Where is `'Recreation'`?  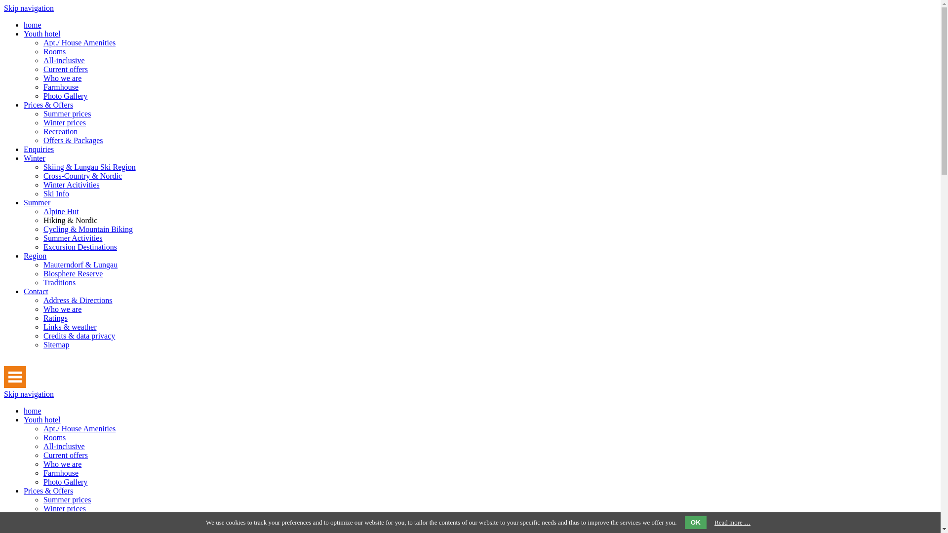
'Recreation' is located at coordinates (60, 131).